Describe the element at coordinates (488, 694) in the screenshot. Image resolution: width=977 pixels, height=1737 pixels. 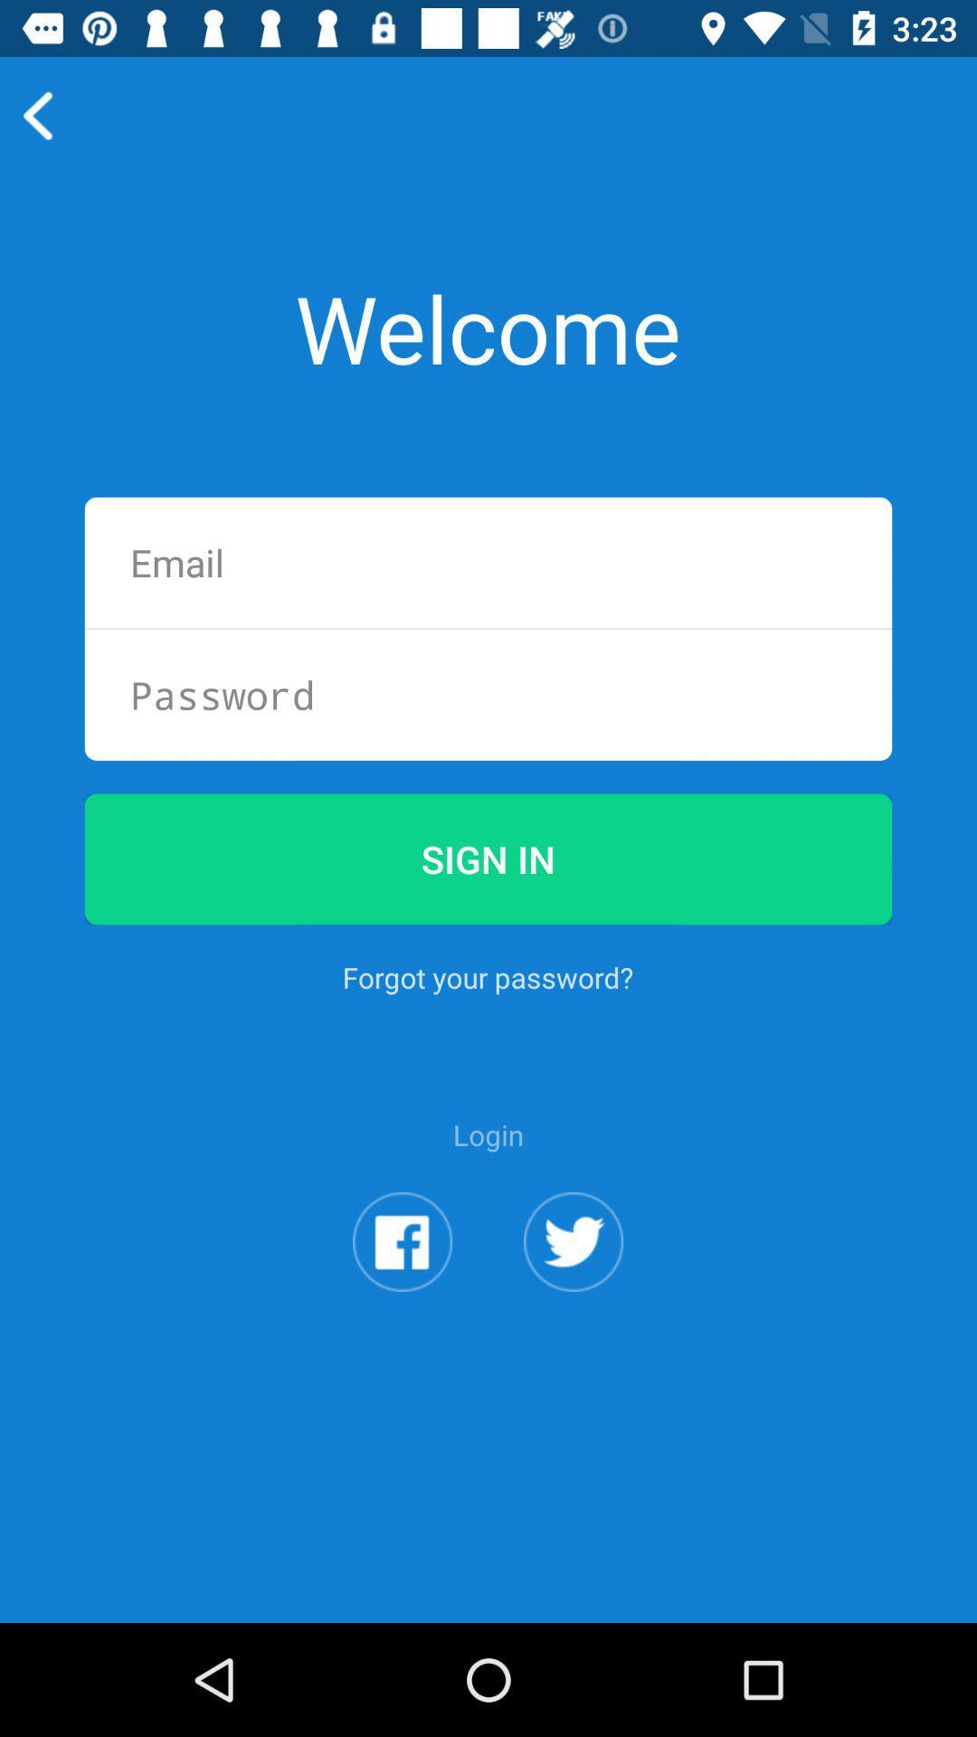
I see `your password` at that location.